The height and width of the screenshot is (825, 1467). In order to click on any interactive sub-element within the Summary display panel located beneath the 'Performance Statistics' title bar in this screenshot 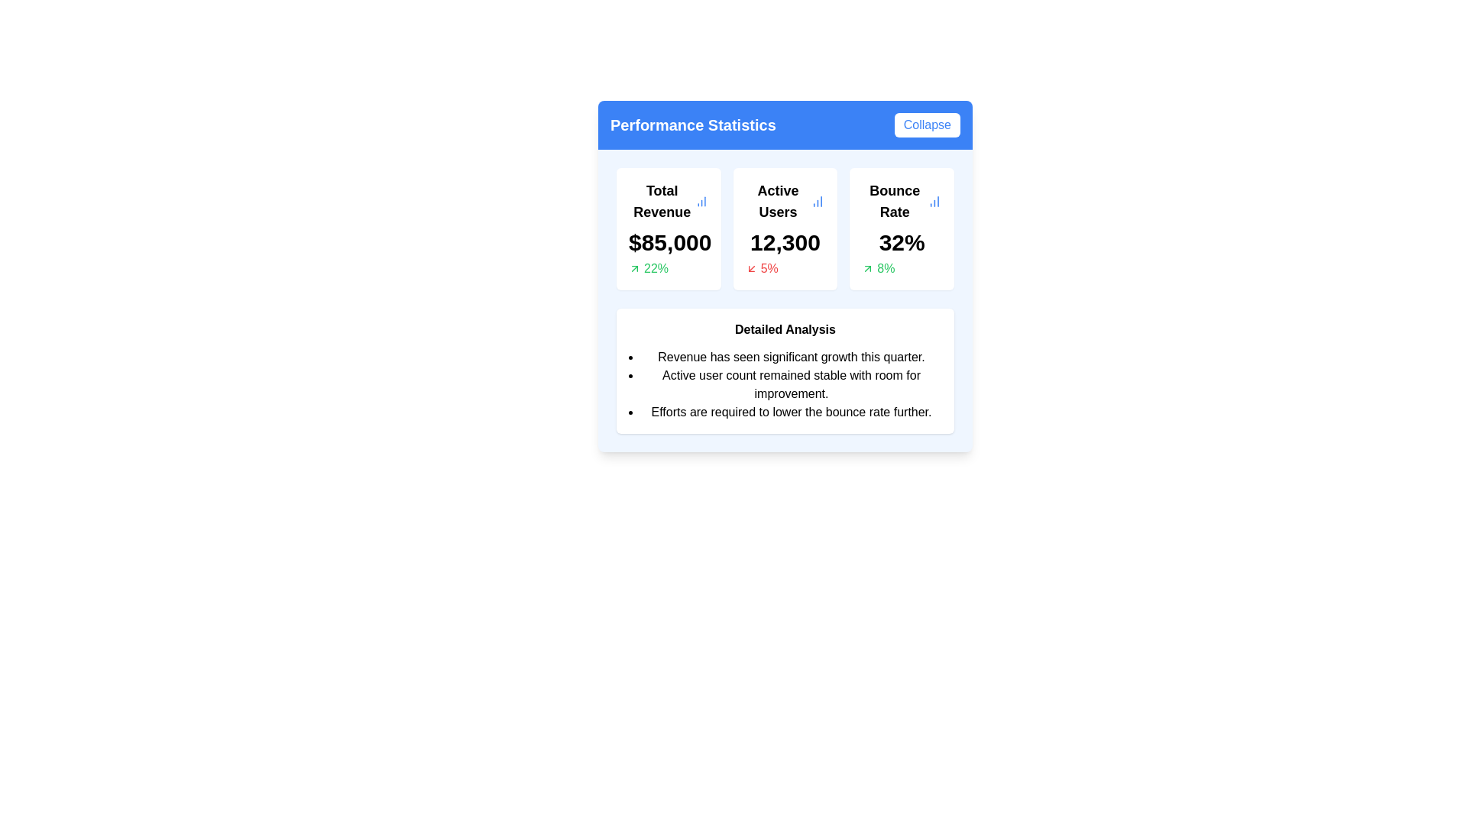, I will do `click(785, 229)`.